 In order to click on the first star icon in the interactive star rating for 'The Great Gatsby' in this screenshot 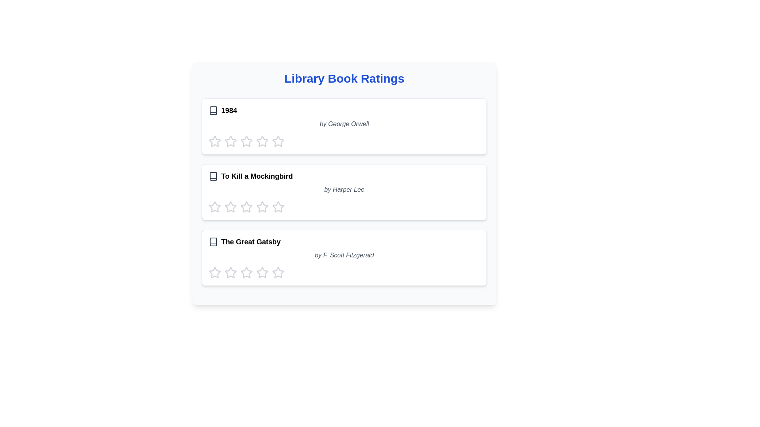, I will do `click(215, 272)`.